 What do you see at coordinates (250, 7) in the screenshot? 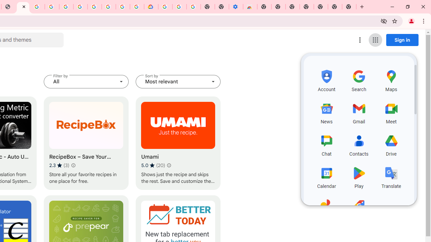
I see `'Chrome Web Store - Accessibility extensions'` at bounding box center [250, 7].